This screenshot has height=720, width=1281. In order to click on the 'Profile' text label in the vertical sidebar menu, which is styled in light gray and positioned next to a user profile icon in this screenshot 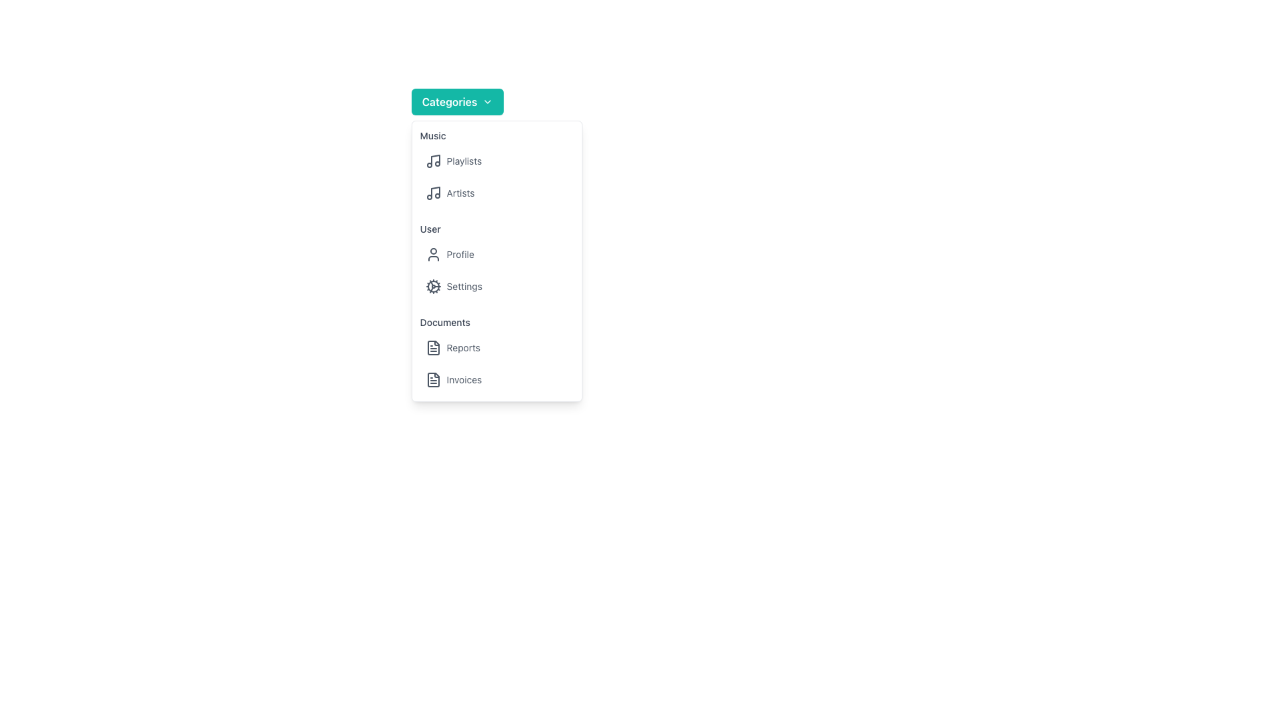, I will do `click(460, 254)`.